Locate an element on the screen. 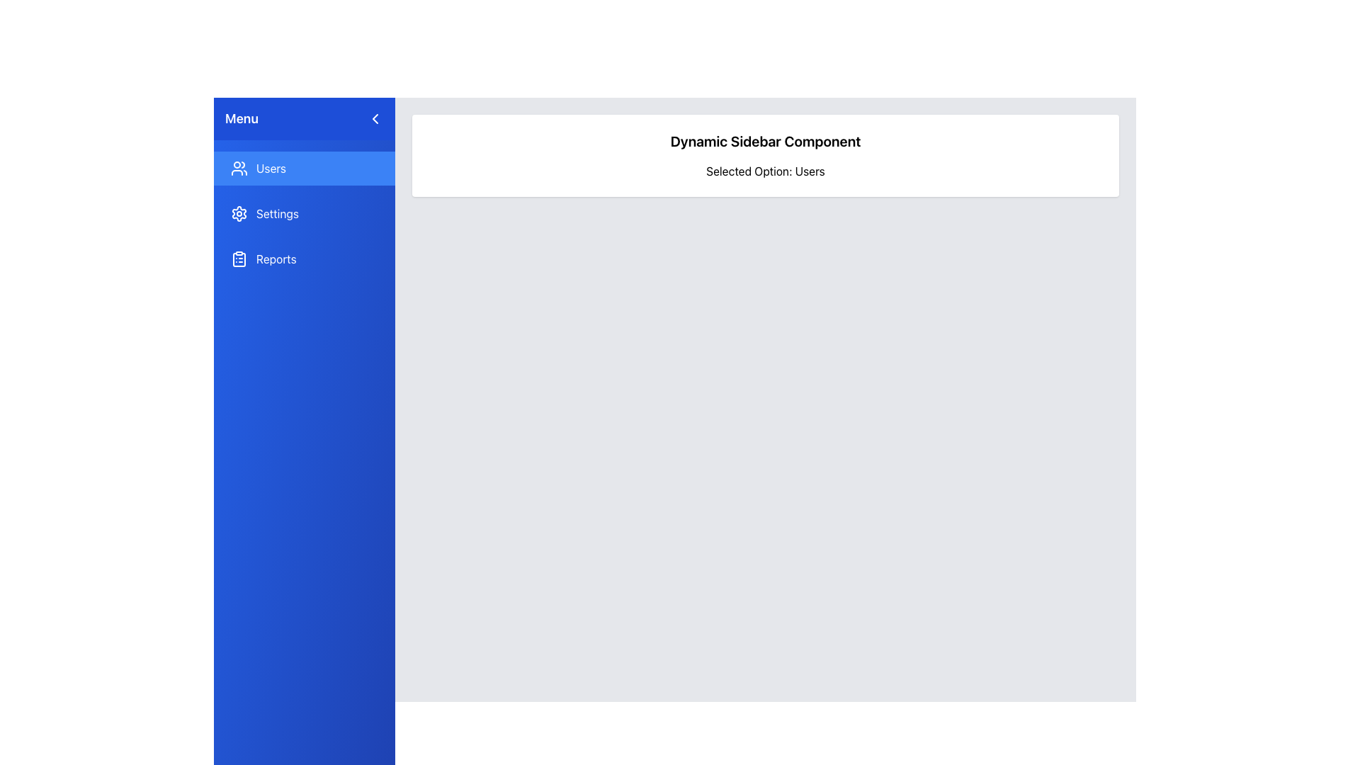  the first button in the vertically arranged sidebar menu is located at coordinates (304, 168).